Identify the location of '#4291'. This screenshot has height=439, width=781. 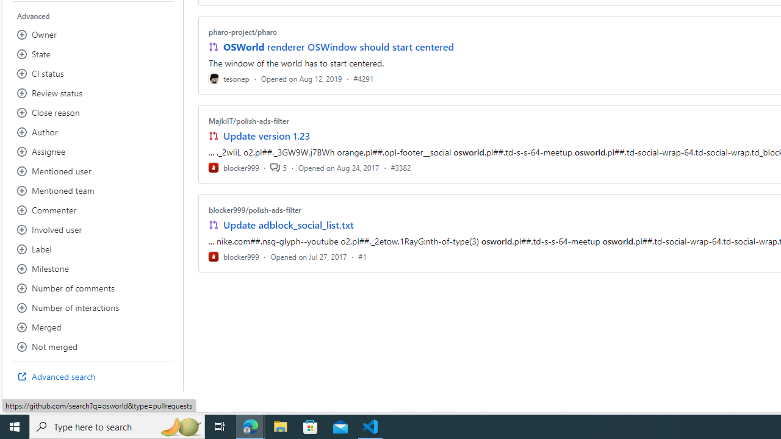
(362, 78).